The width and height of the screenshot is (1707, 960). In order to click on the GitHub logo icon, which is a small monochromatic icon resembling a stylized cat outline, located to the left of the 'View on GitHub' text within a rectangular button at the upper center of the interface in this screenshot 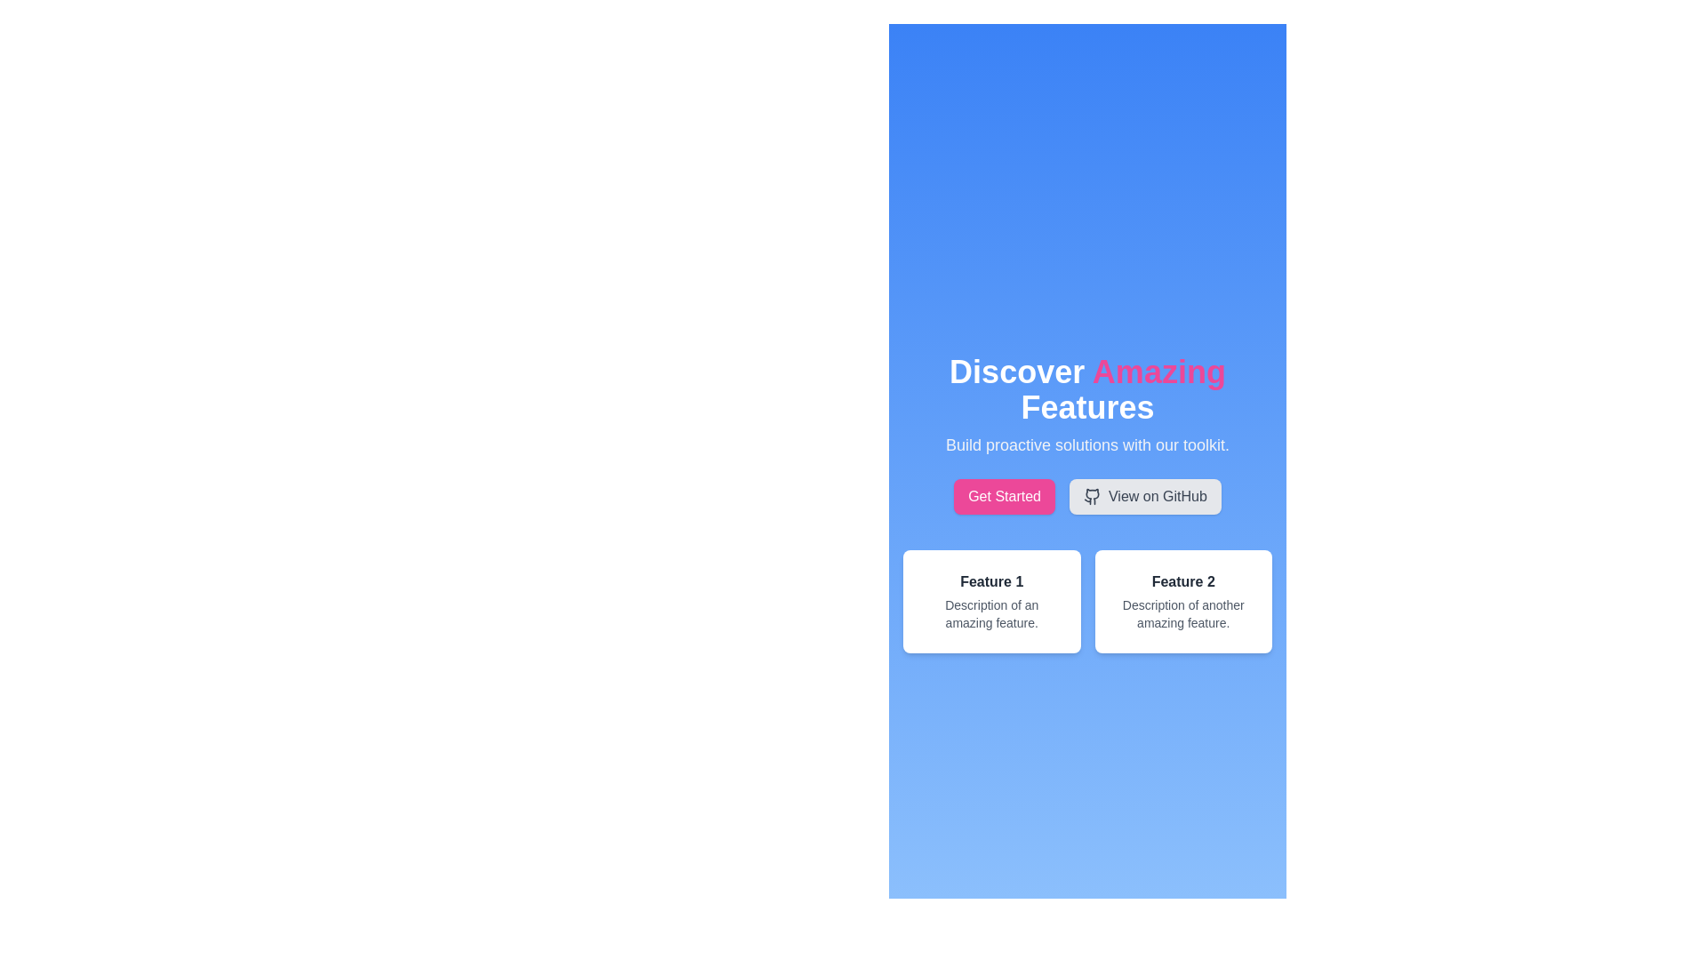, I will do `click(1091, 497)`.